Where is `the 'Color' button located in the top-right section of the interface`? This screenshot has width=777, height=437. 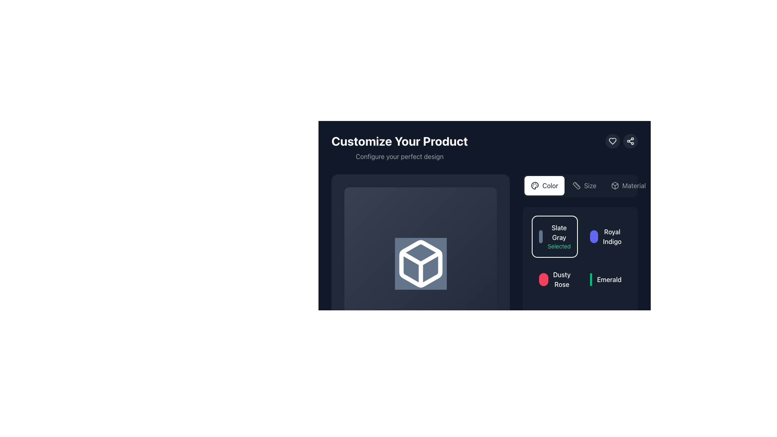 the 'Color' button located in the top-right section of the interface is located at coordinates (544, 186).